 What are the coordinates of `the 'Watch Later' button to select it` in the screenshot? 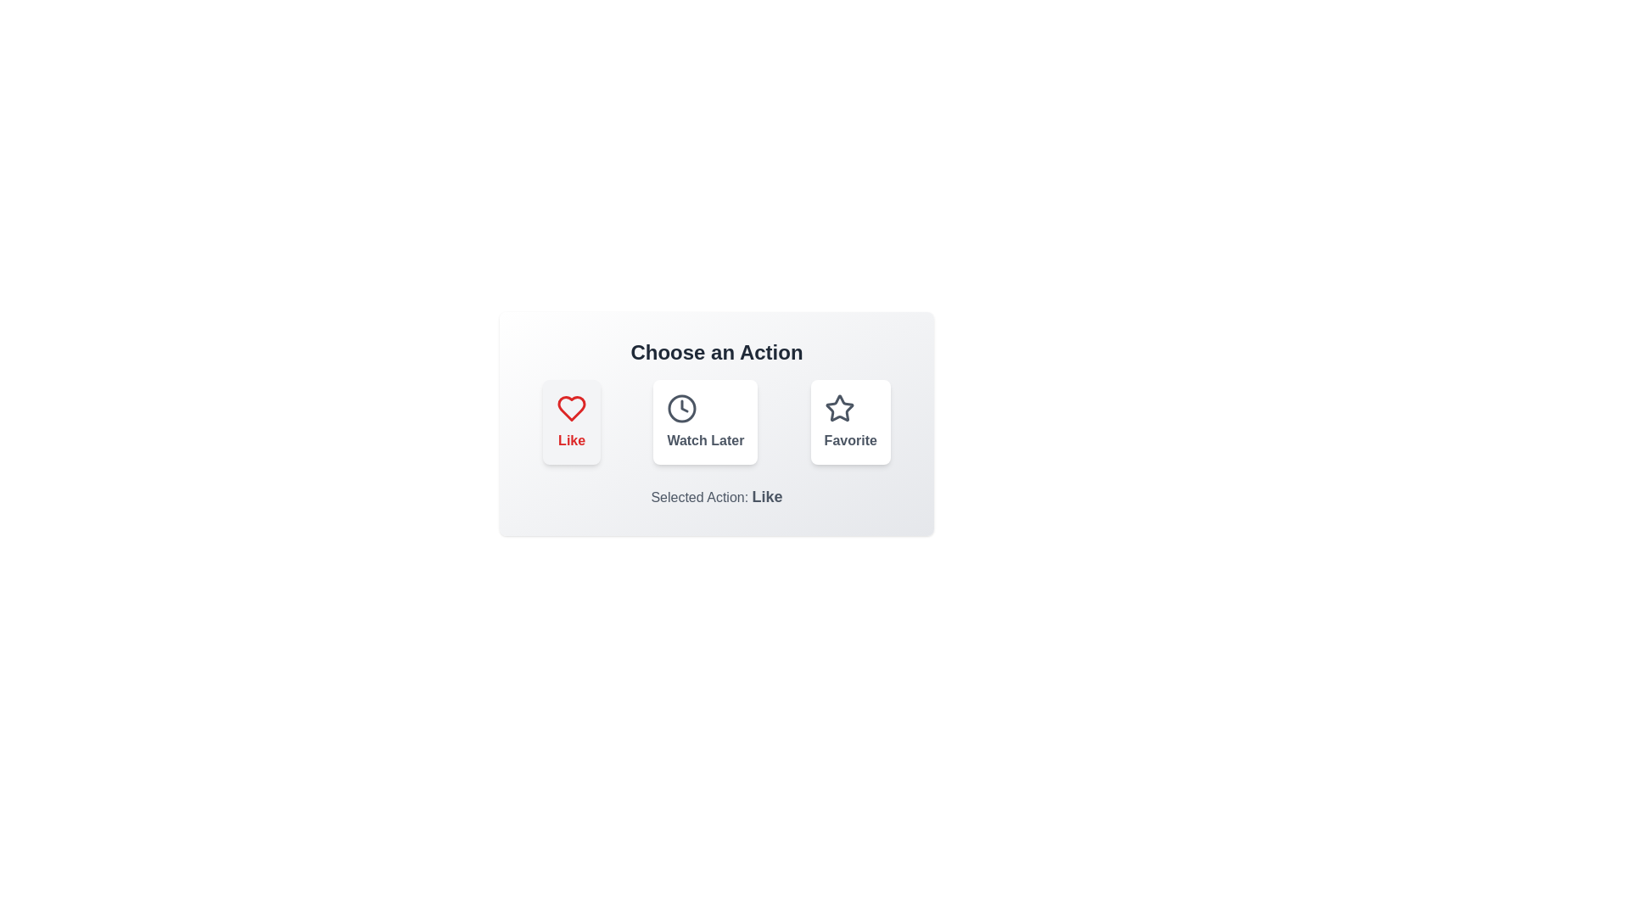 It's located at (705, 421).